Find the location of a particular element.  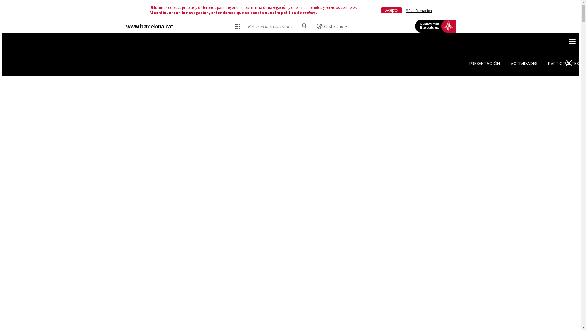

'www.barcelona.cat' is located at coordinates (149, 26).